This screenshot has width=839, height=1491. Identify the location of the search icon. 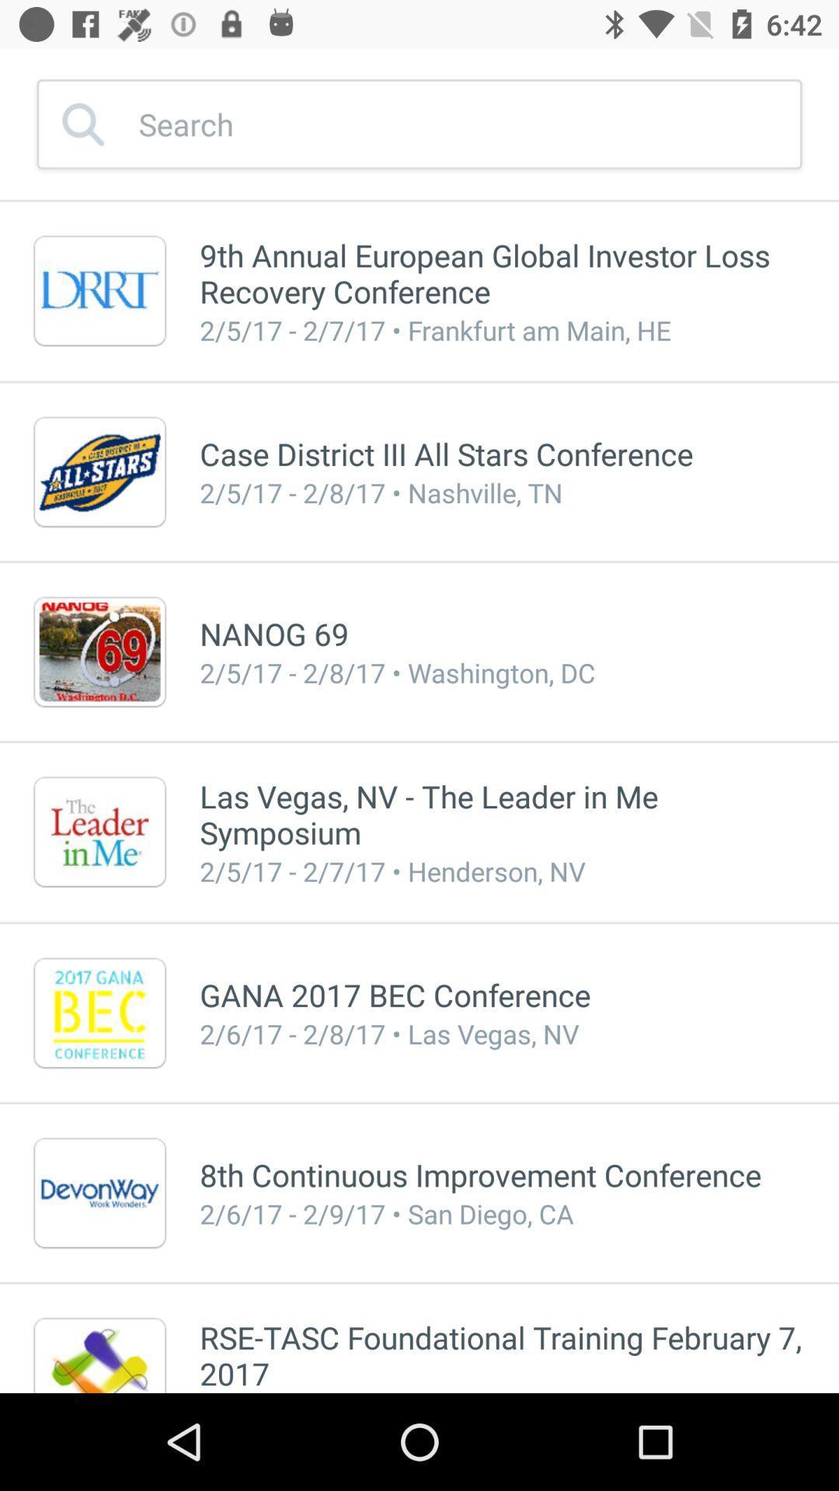
(53, 101).